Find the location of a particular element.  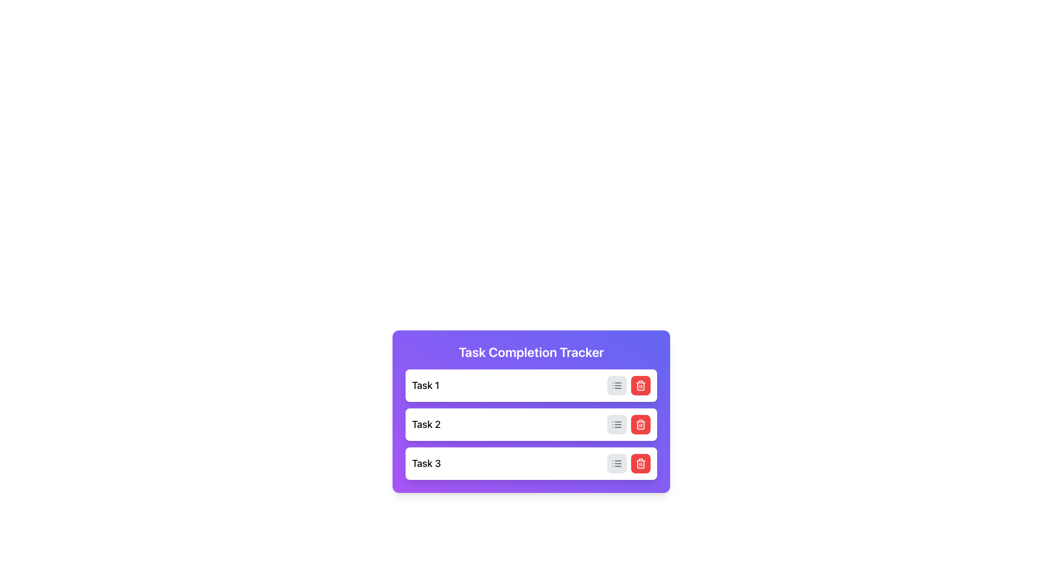

the delete button located on the right side of the second task in the vertical list is located at coordinates (640, 424).